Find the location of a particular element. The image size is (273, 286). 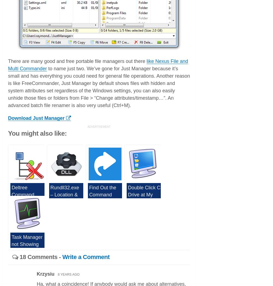

'You might also like:' is located at coordinates (37, 133).